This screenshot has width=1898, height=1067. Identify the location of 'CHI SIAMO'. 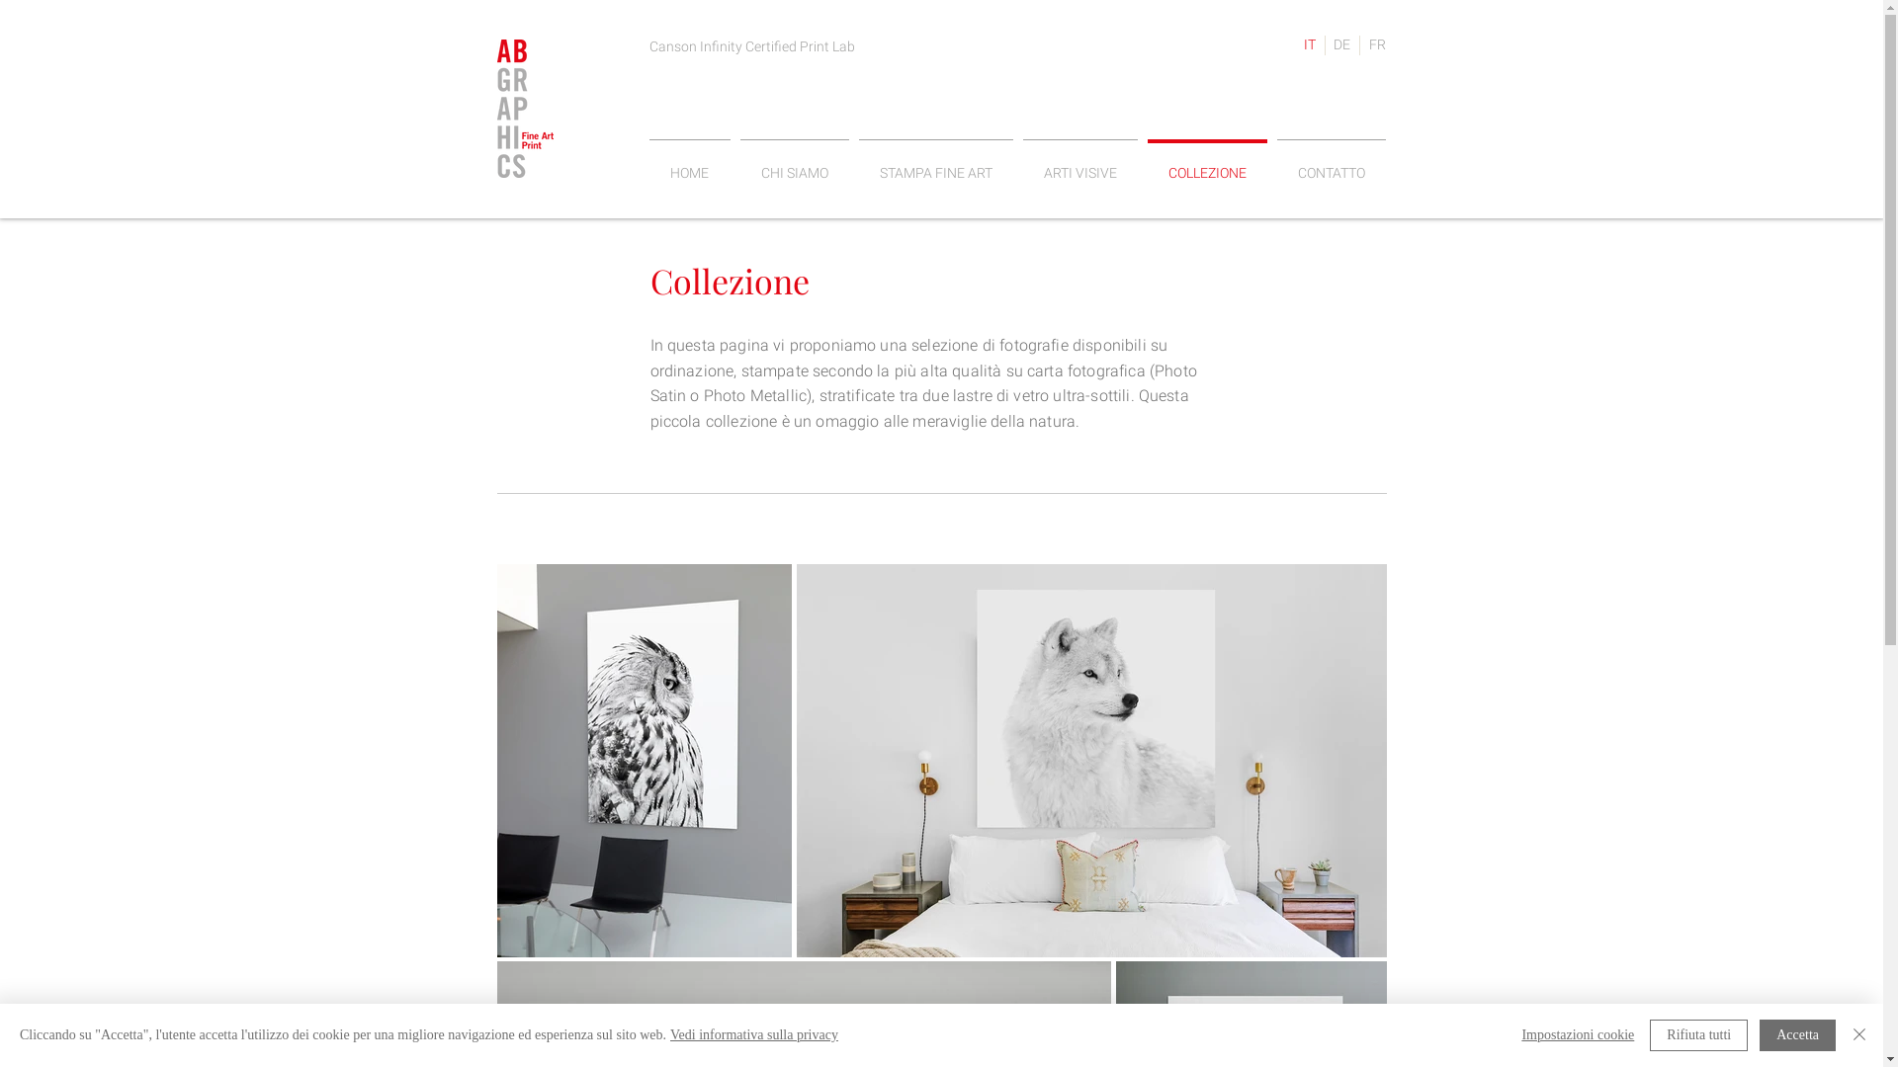
(734, 162).